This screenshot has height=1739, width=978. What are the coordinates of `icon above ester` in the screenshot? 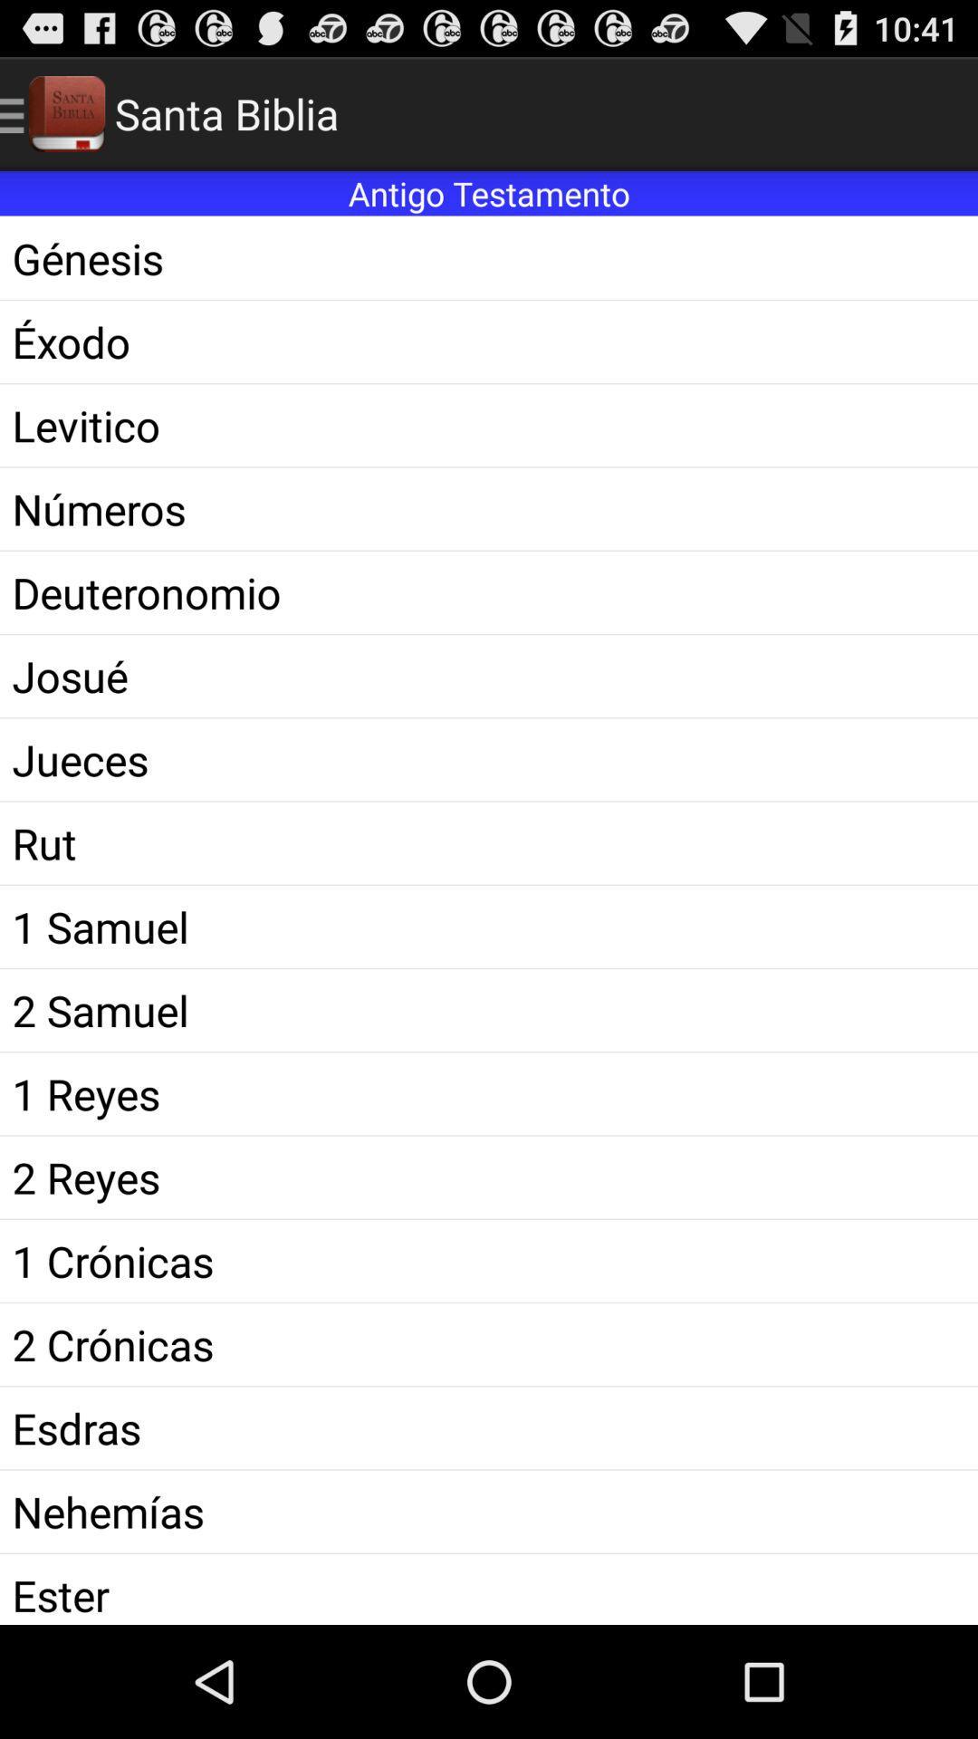 It's located at (489, 1512).